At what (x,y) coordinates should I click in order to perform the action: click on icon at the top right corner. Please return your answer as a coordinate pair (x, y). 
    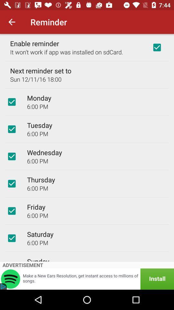
    Looking at the image, I should click on (157, 47).